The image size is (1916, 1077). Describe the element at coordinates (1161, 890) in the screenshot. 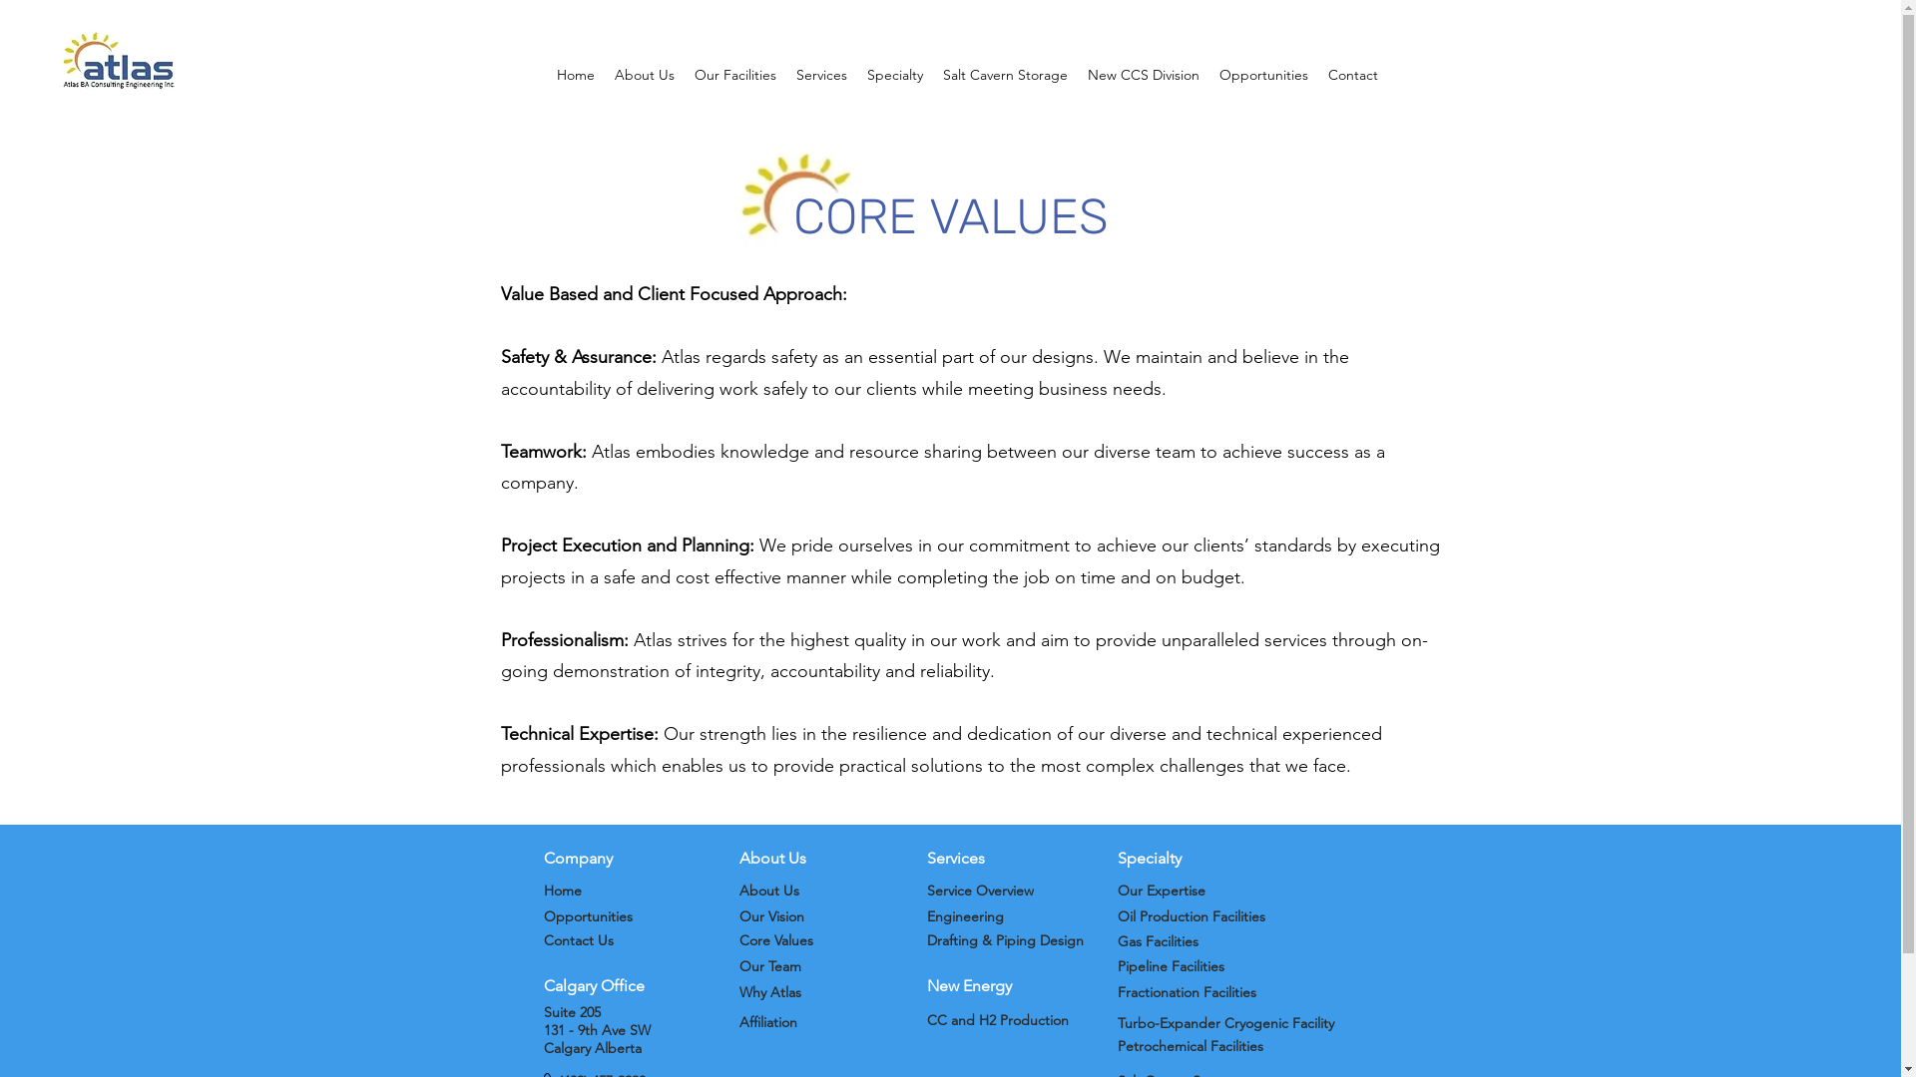

I see `'Our Expertise'` at that location.